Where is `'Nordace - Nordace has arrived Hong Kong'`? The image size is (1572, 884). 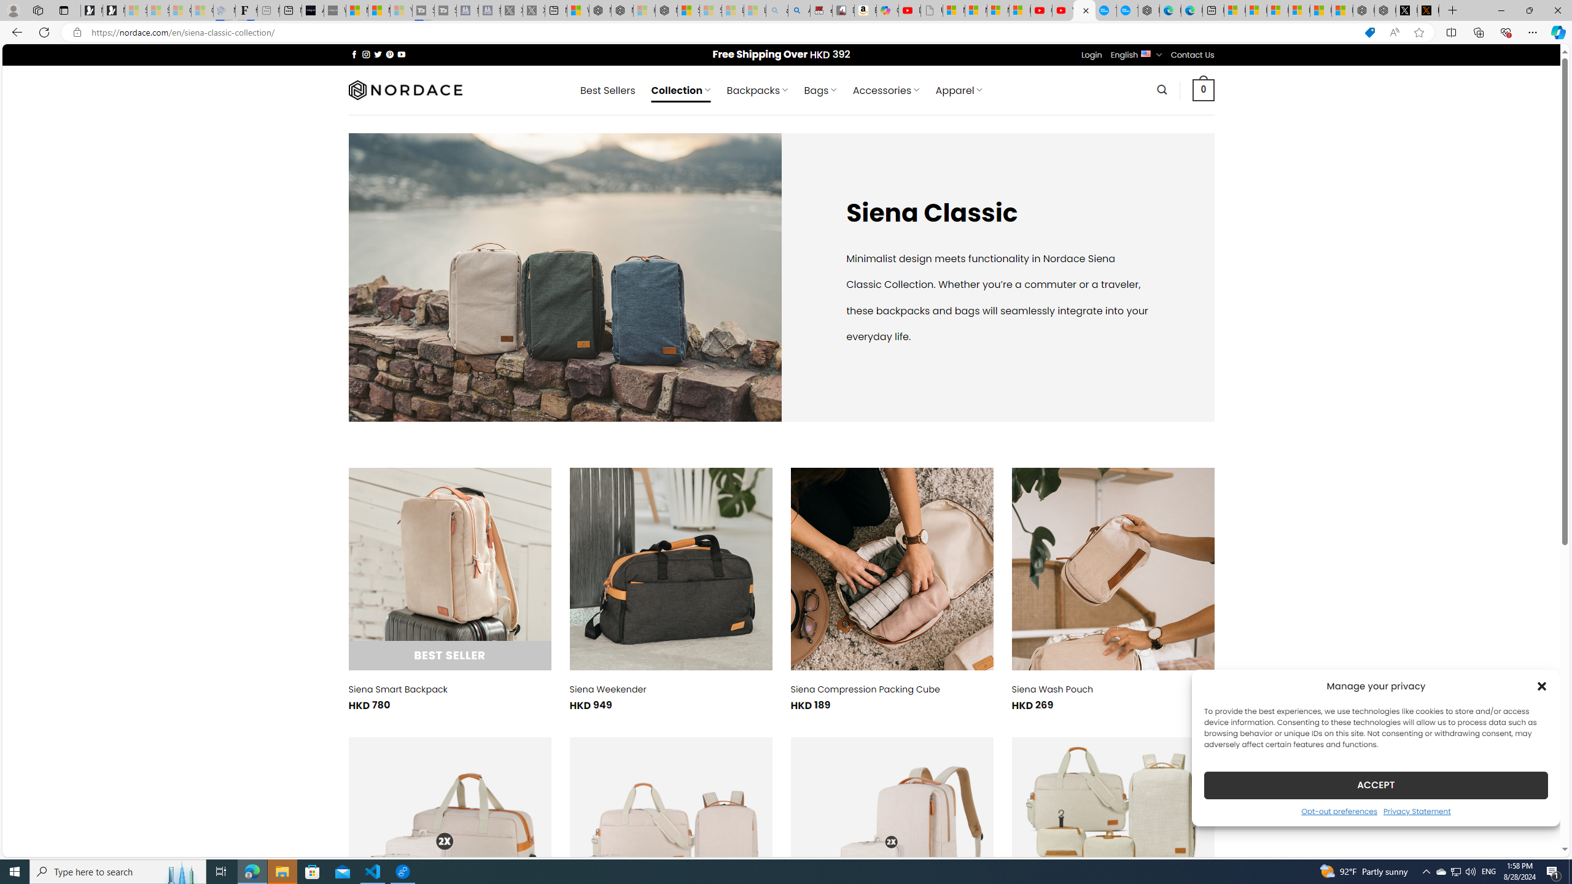 'Nordace - Nordace has arrived Hong Kong' is located at coordinates (1149, 10).